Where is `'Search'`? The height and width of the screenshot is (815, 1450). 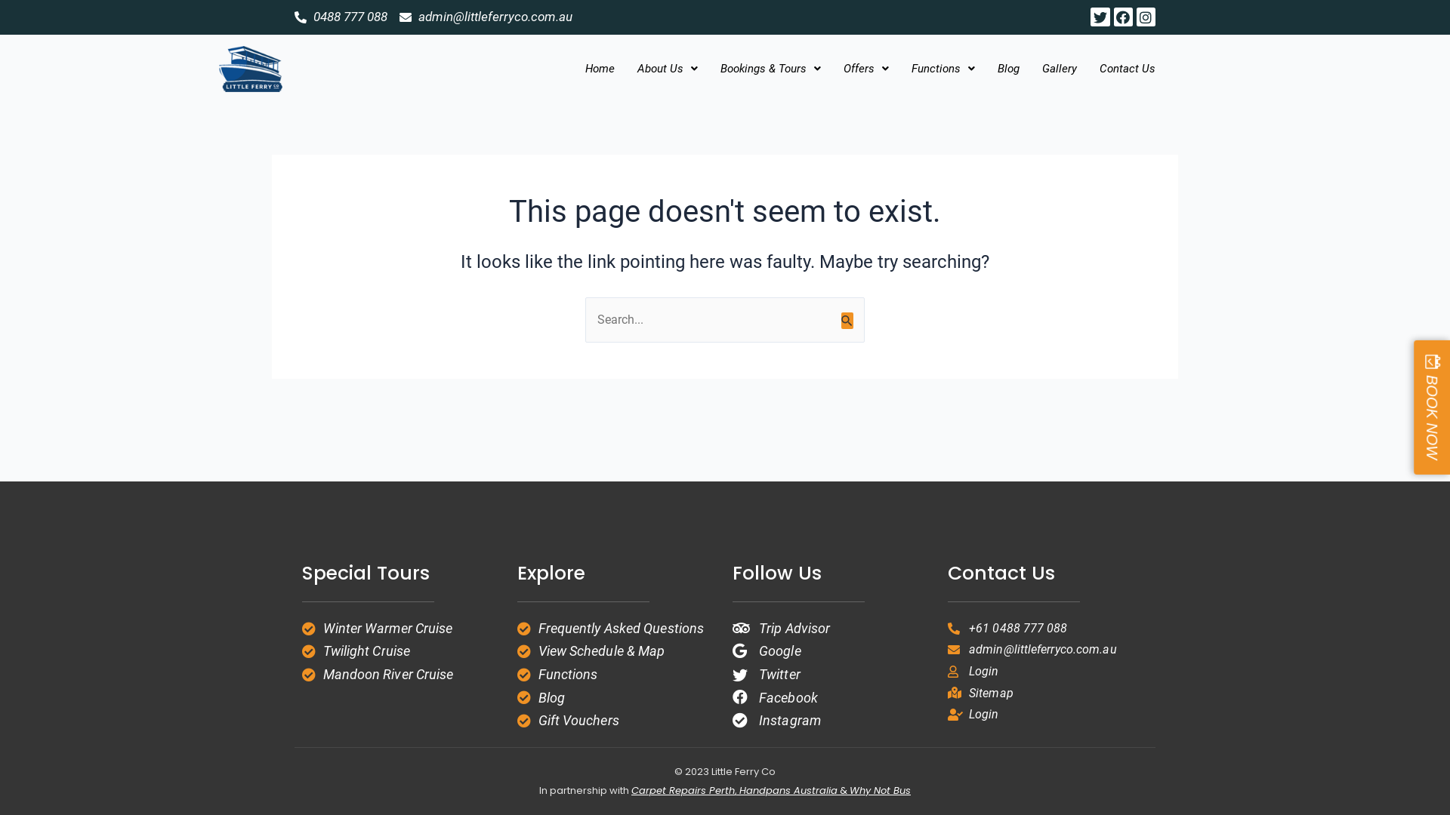
'Search' is located at coordinates (847, 312).